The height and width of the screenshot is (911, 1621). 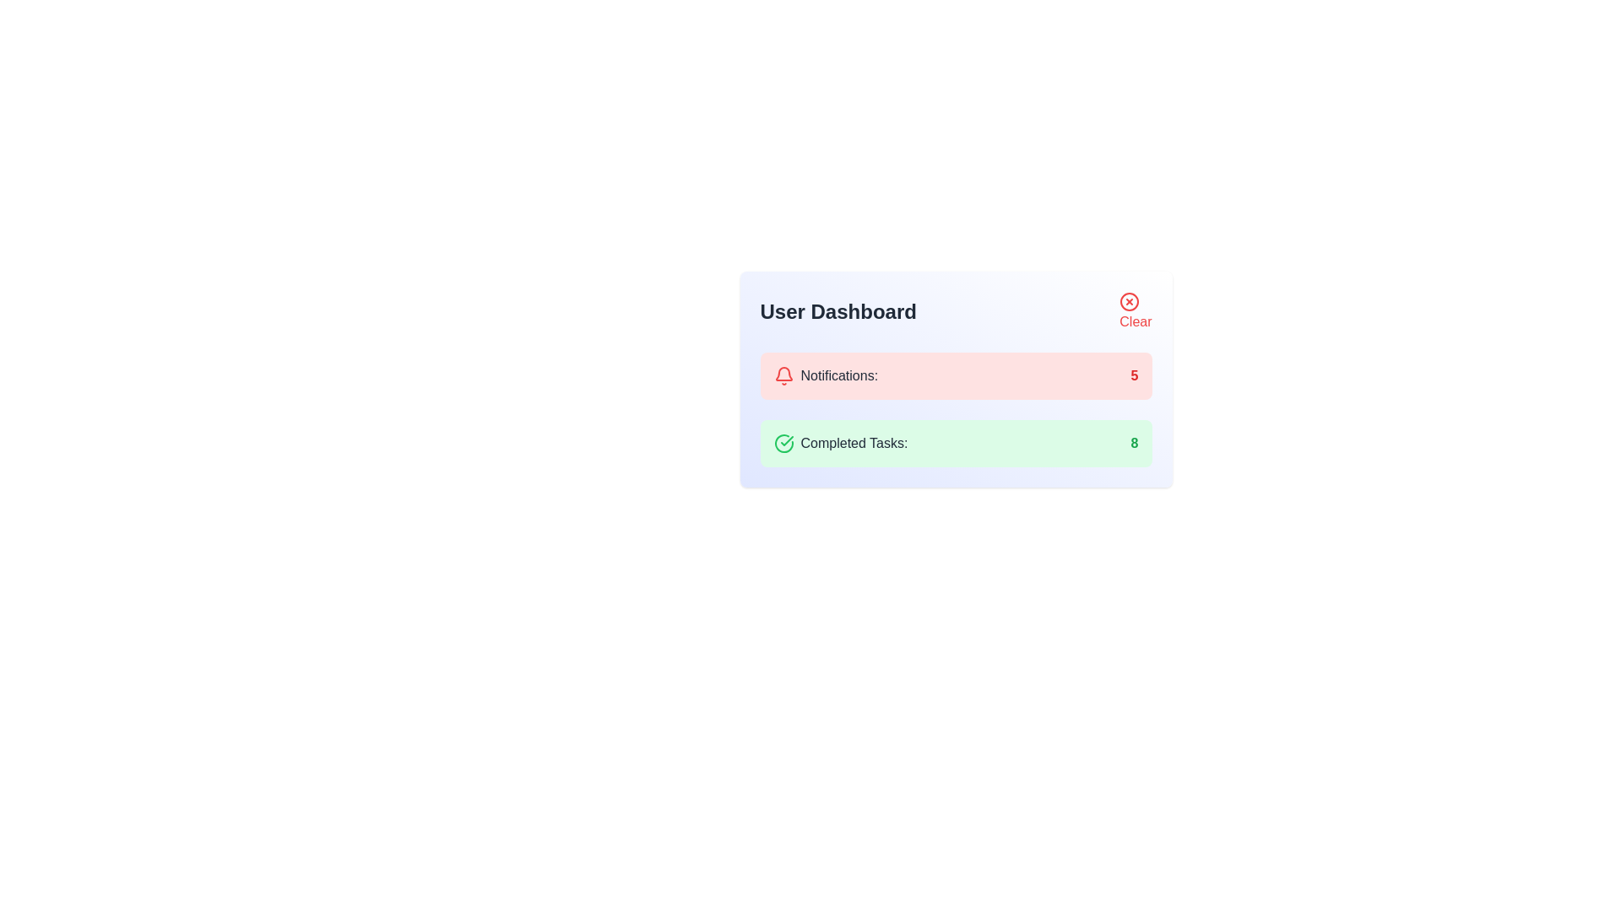 What do you see at coordinates (782, 373) in the screenshot?
I see `the notification bell icon segment, which is part of the outline of the bell icon located to the left of the 'Notifications' label in the user dashboard section, if it is interactive` at bounding box center [782, 373].